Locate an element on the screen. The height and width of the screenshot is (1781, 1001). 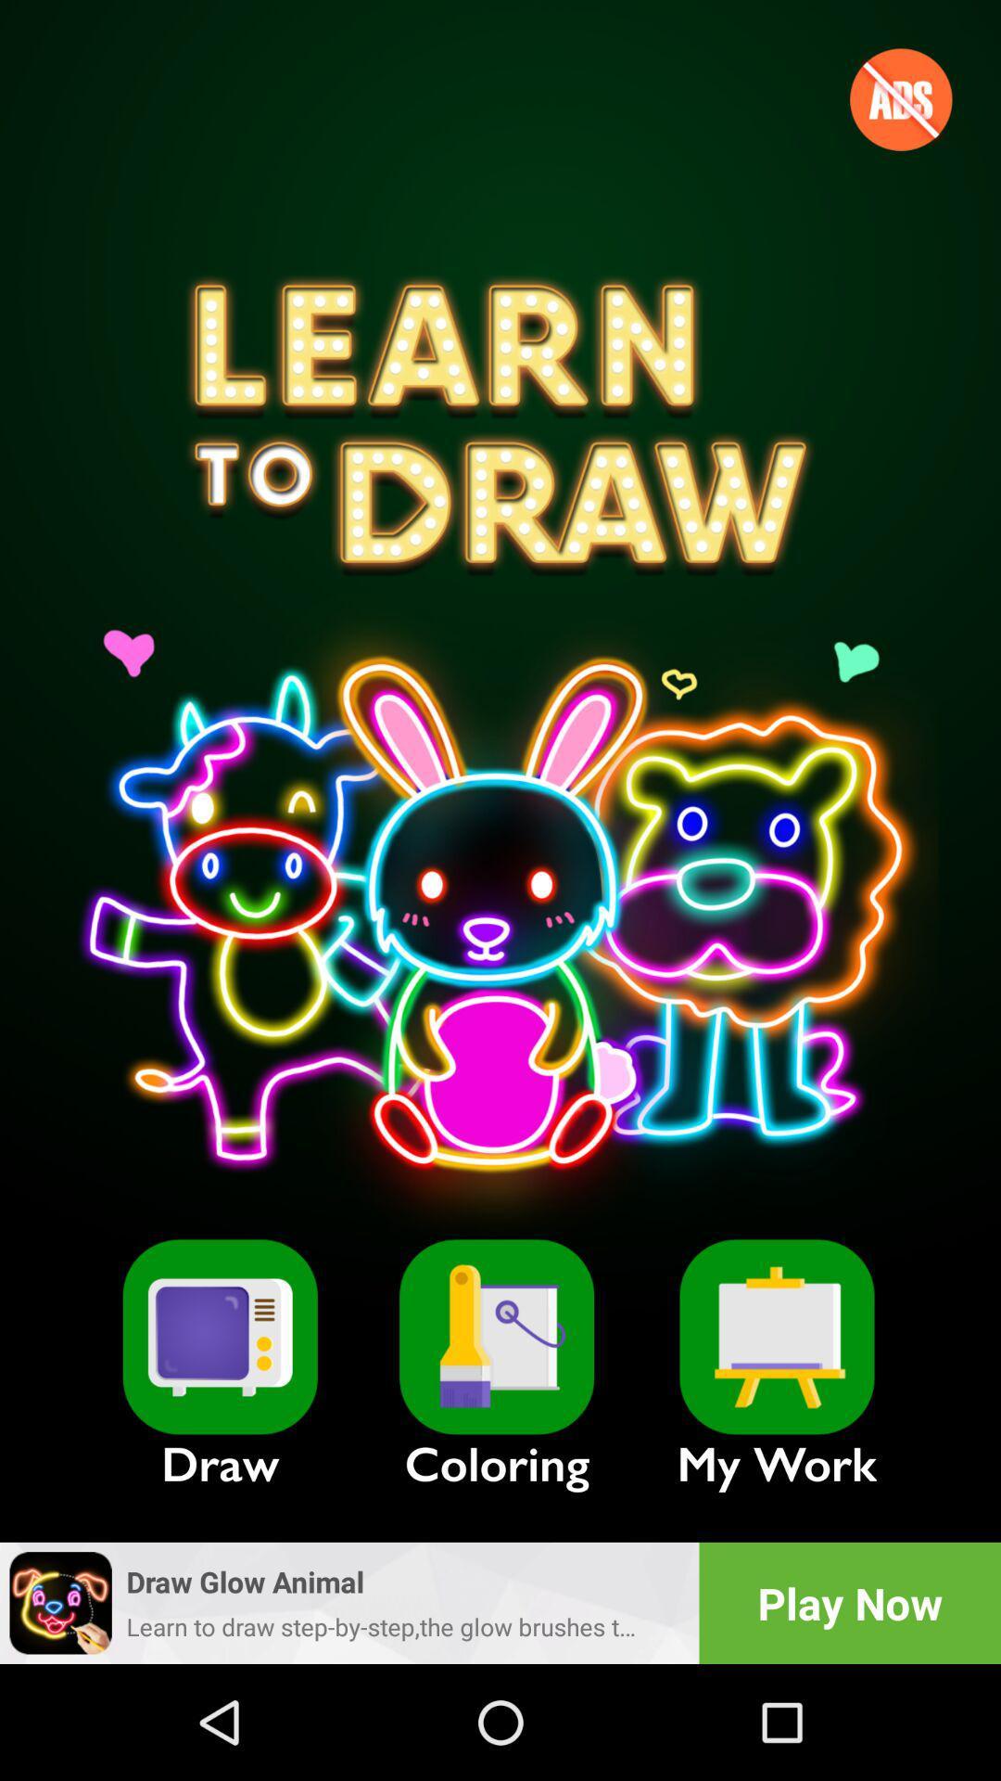
coloring option is located at coordinates (496, 1337).